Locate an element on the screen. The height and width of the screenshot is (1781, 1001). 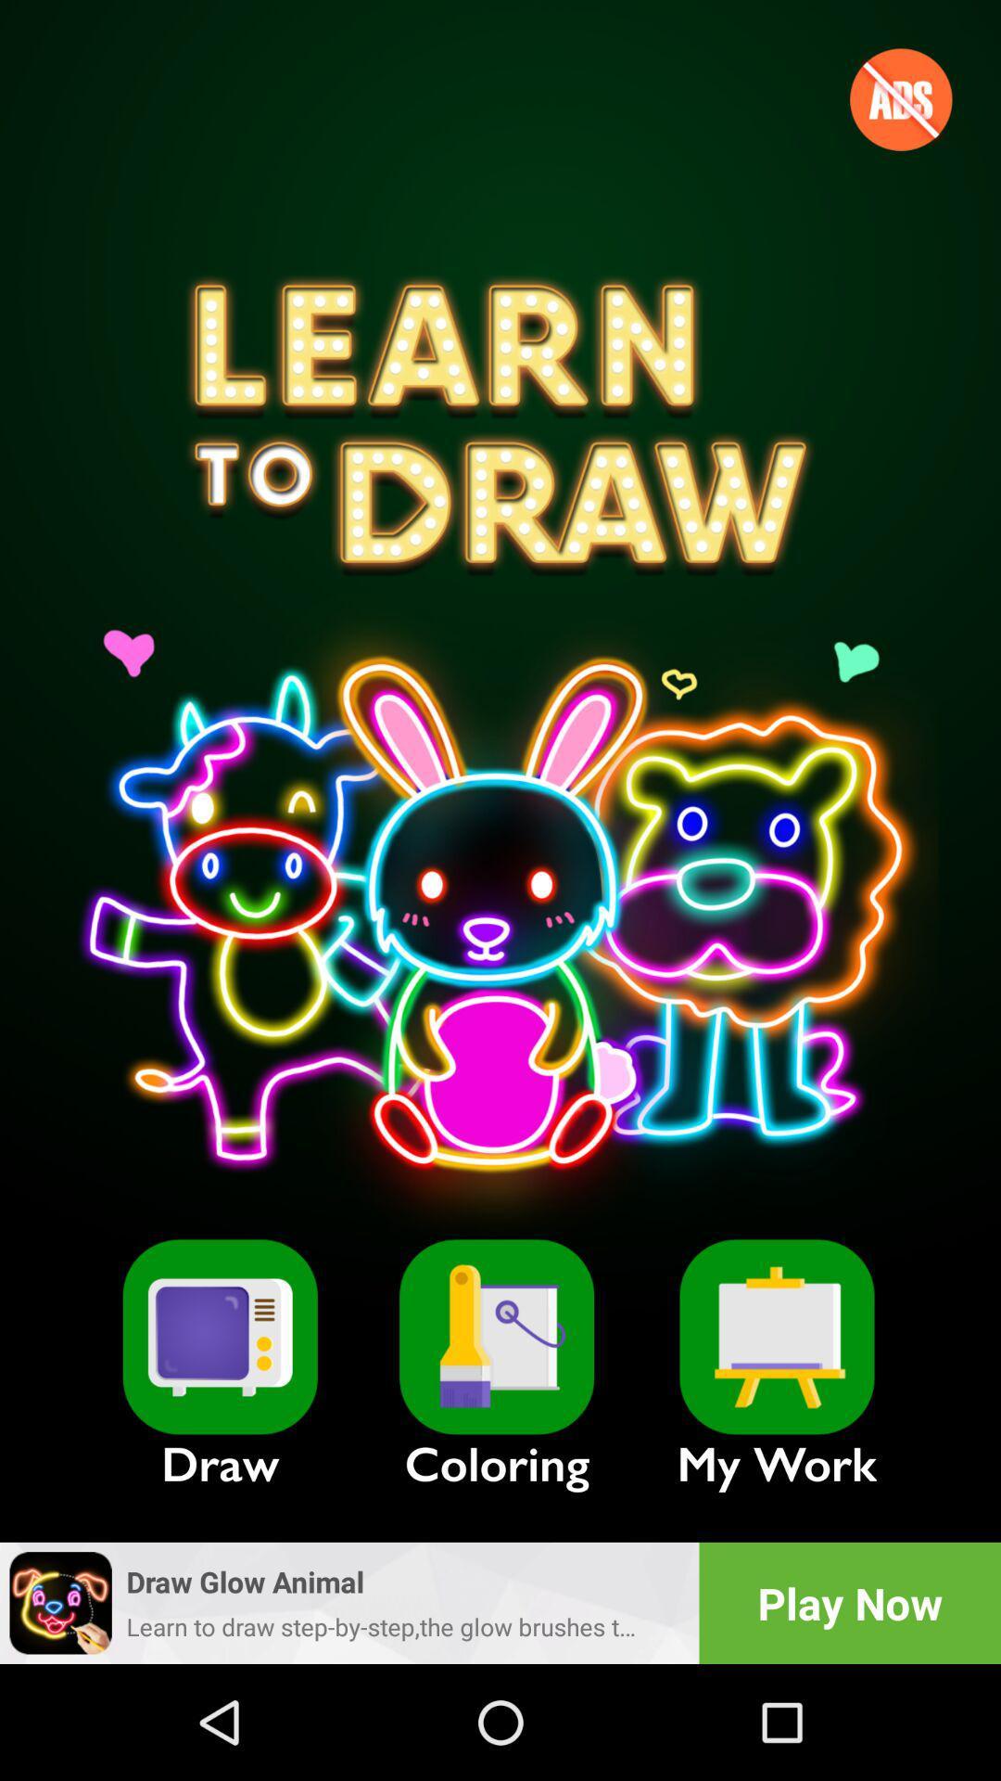
coloring option is located at coordinates (496, 1337).